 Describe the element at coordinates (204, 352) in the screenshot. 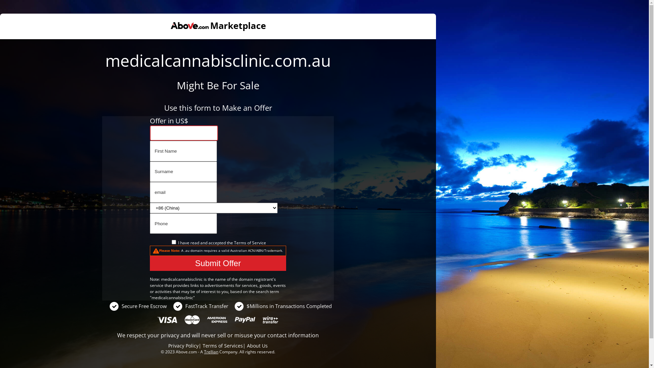

I see `'Trellian'` at that location.